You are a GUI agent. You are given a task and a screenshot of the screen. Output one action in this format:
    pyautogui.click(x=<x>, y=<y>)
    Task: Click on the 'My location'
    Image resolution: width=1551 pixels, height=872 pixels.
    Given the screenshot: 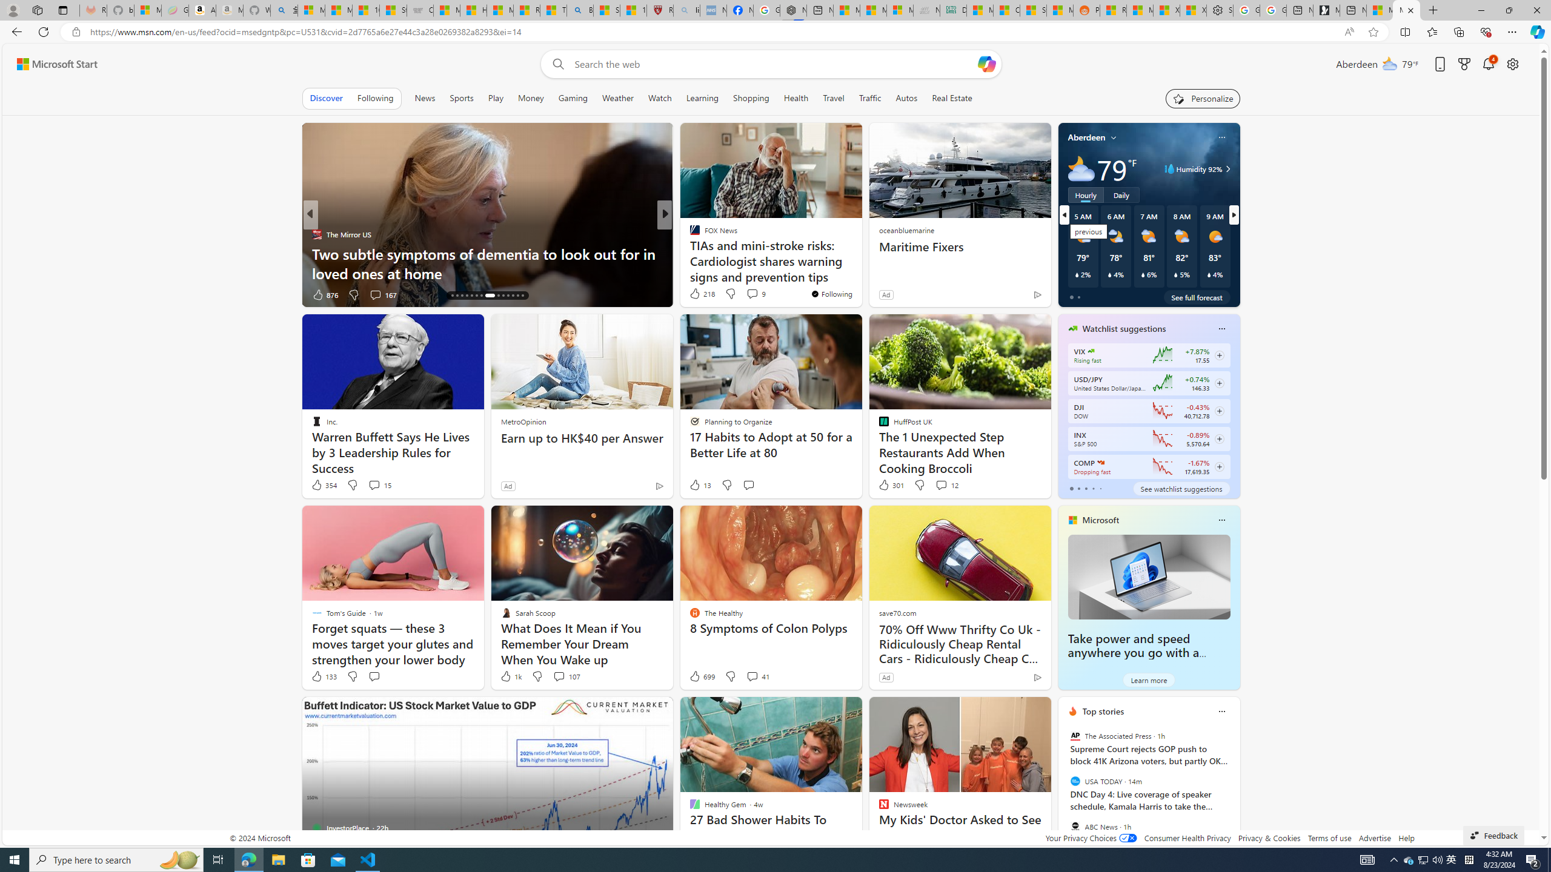 What is the action you would take?
    pyautogui.click(x=1114, y=136)
    